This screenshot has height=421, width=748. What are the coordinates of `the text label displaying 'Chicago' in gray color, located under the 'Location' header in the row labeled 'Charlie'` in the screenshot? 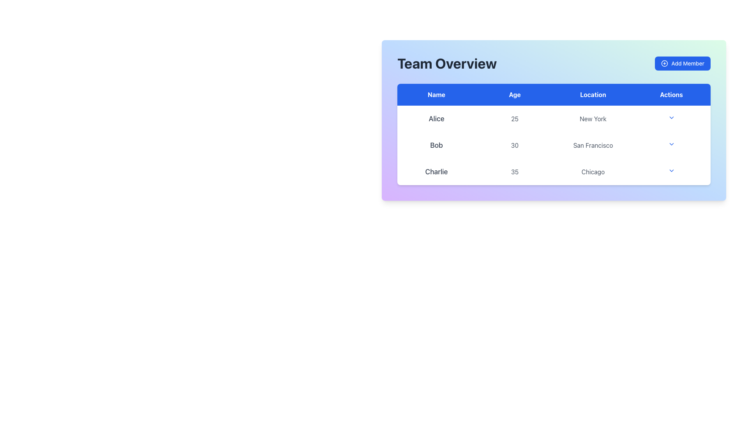 It's located at (593, 171).